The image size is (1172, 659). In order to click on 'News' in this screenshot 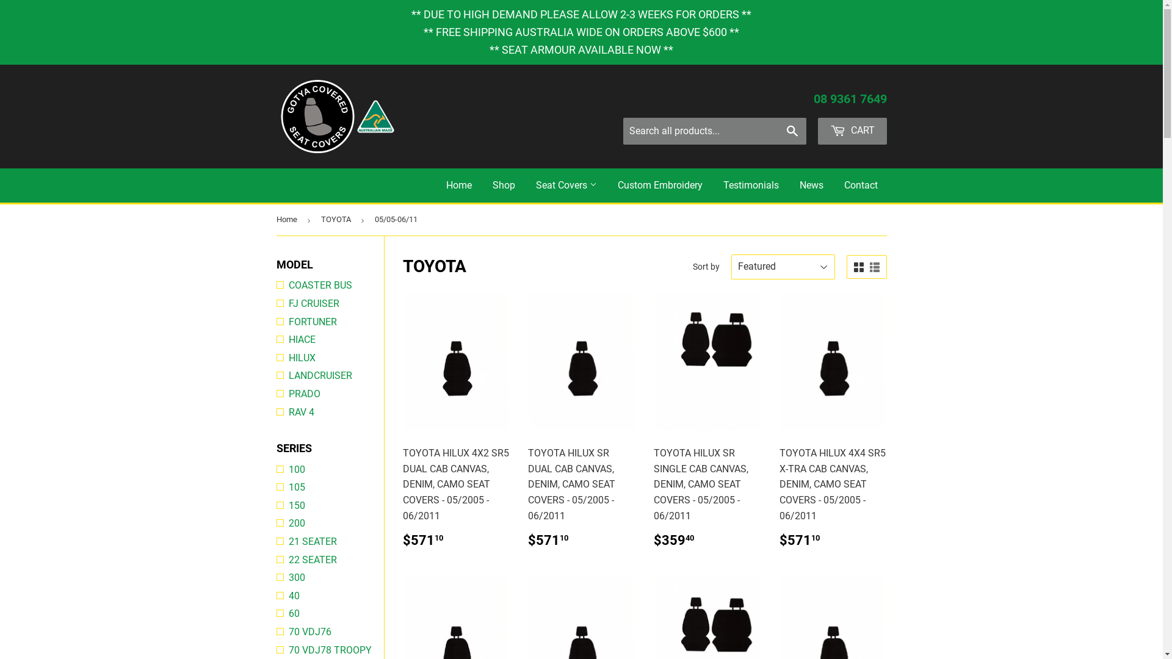, I will do `click(811, 185)`.